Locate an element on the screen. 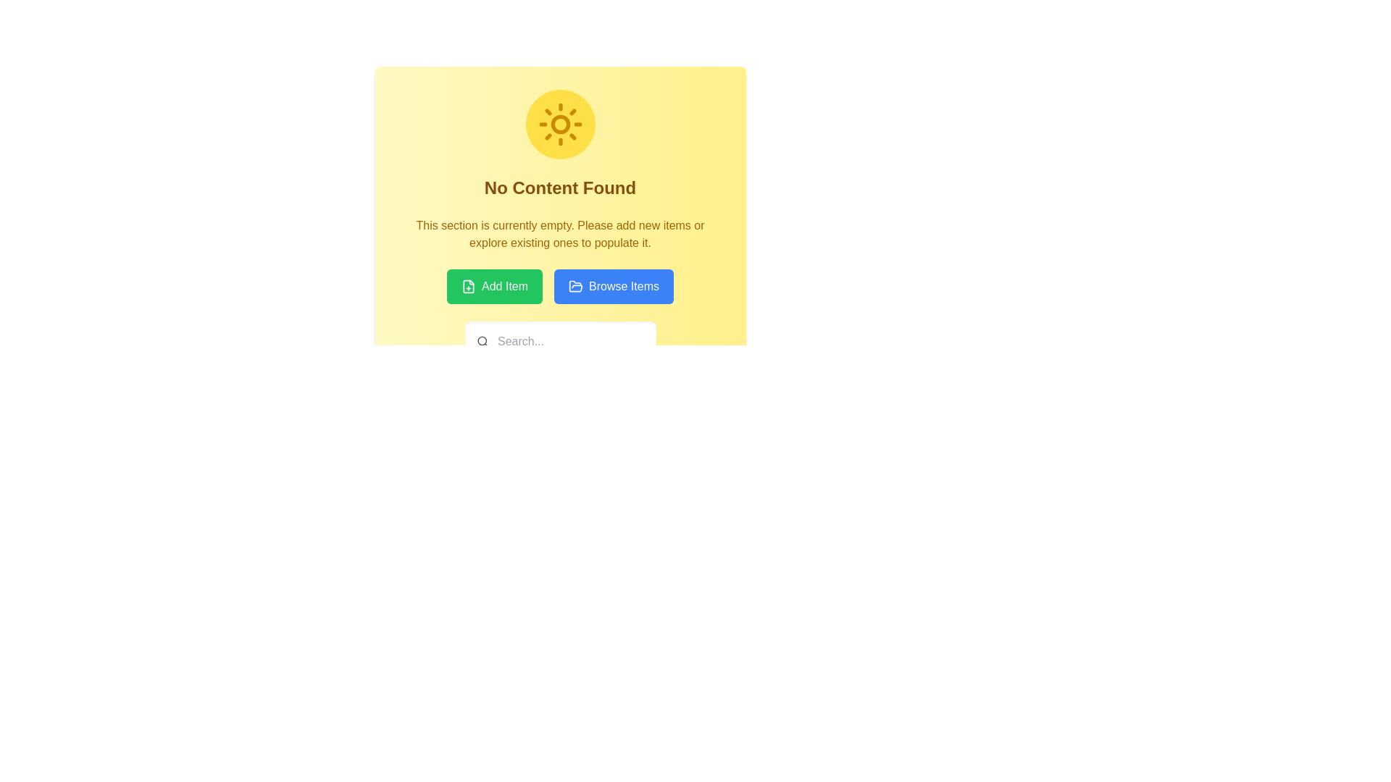  the decorative graphical element within the SVG image that symbolizes an open folder, located near the top-right area of its containing group is located at coordinates (575, 286).